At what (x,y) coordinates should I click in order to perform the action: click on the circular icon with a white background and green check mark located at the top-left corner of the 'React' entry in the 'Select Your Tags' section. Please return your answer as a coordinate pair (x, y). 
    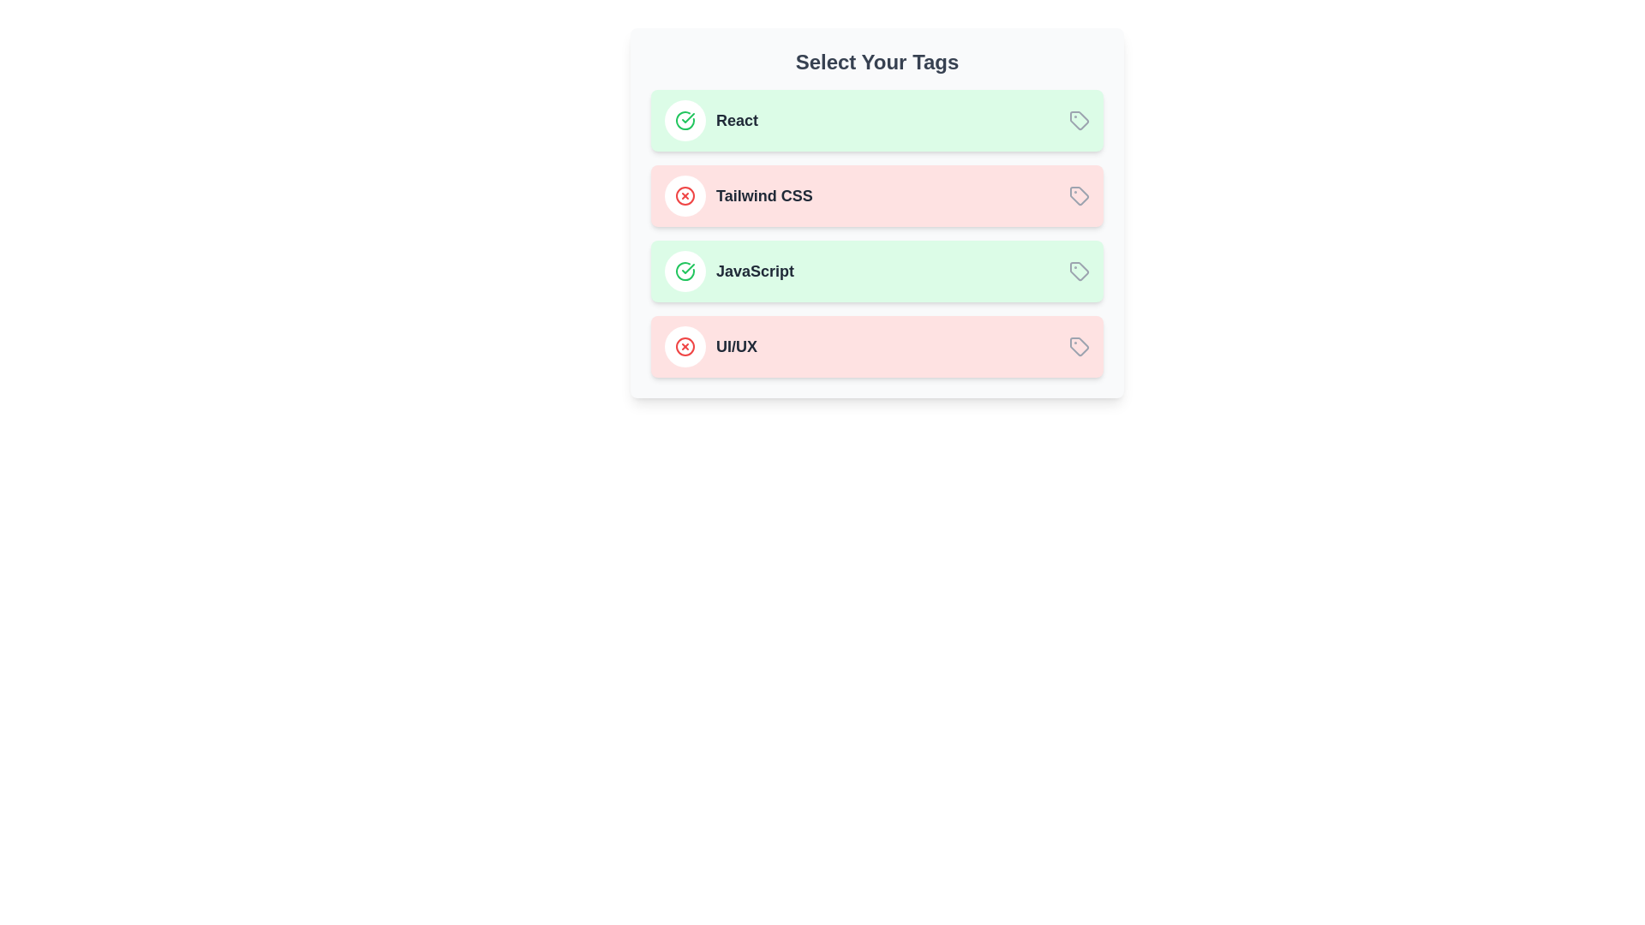
    Looking at the image, I should click on (685, 120).